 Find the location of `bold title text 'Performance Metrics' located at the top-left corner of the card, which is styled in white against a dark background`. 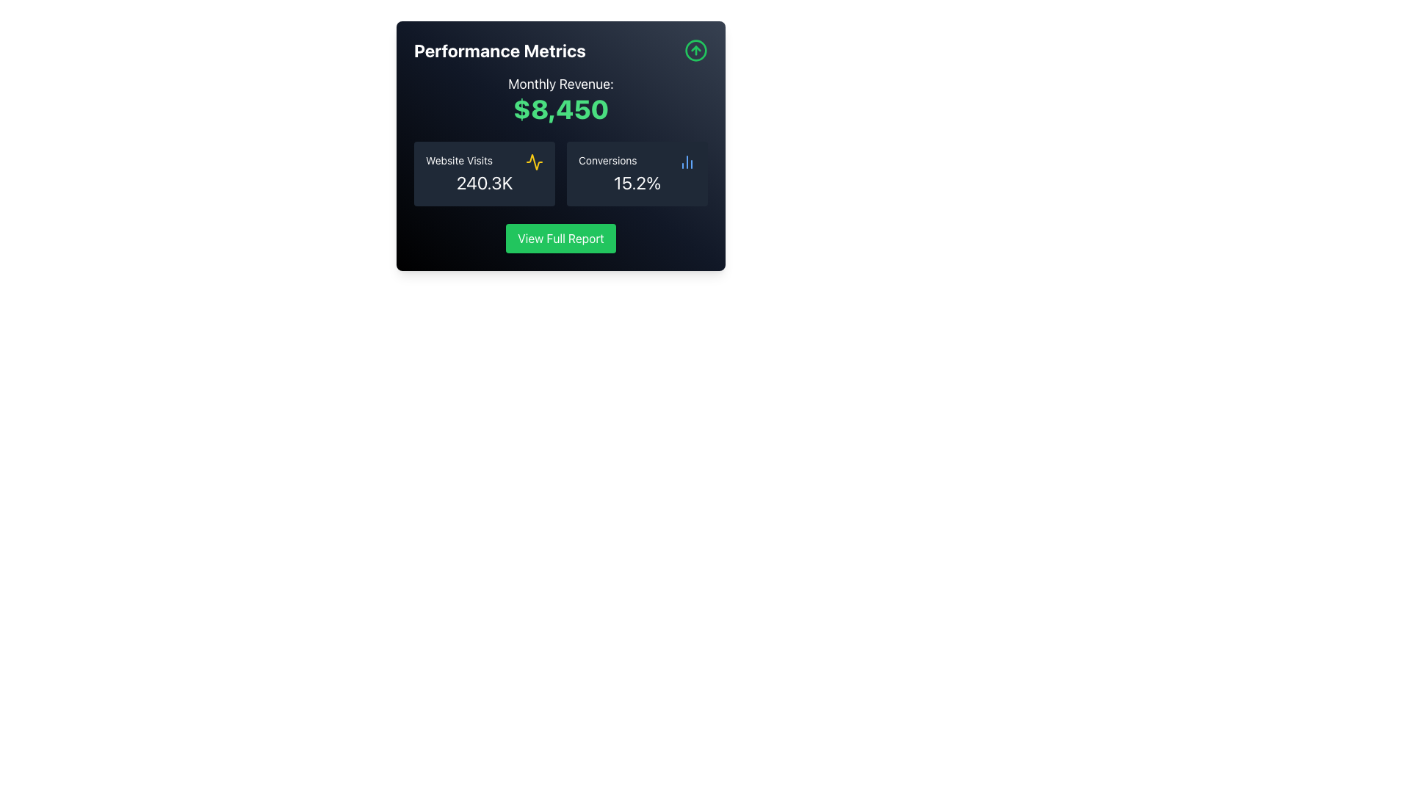

bold title text 'Performance Metrics' located at the top-left corner of the card, which is styled in white against a dark background is located at coordinates (500, 50).